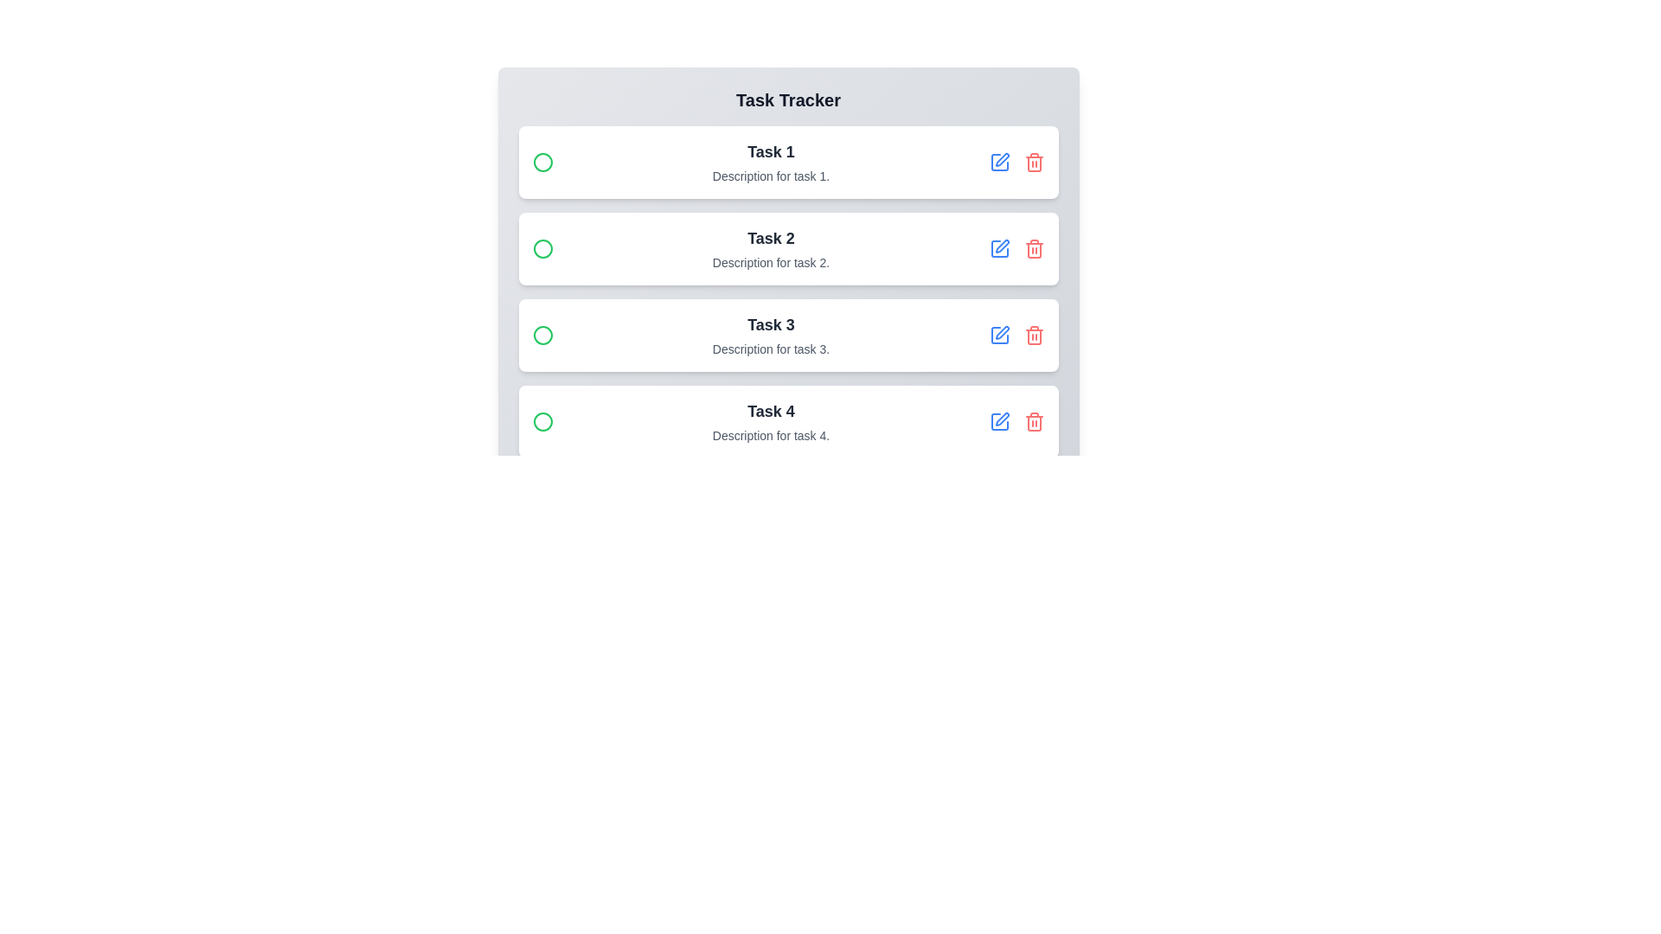  What do you see at coordinates (999, 422) in the screenshot?
I see `the edit button of the task Task 4` at bounding box center [999, 422].